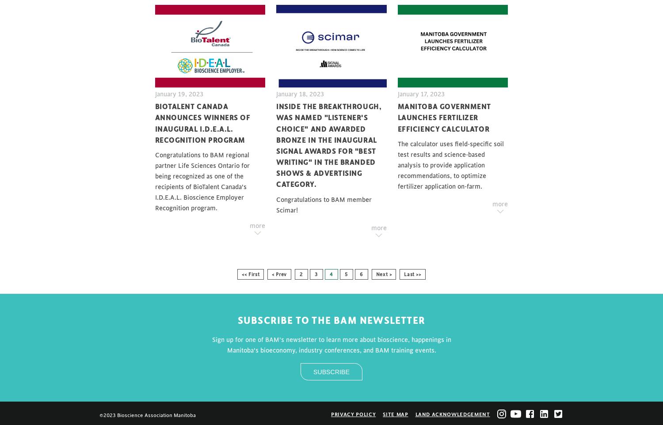 The width and height of the screenshot is (663, 425). What do you see at coordinates (330, 414) in the screenshot?
I see `'Privacy Policy'` at bounding box center [330, 414].